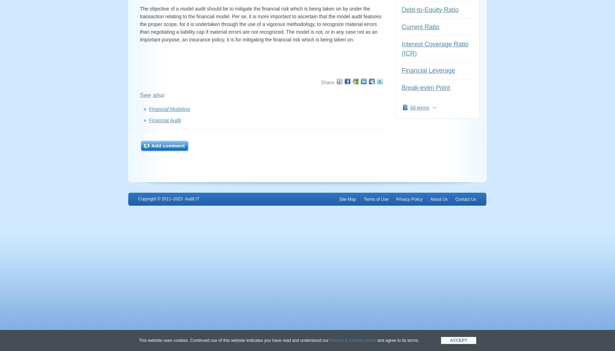 The image size is (615, 351). Describe the element at coordinates (430, 10) in the screenshot. I see `'Debt-to-Equity Ratio'` at that location.